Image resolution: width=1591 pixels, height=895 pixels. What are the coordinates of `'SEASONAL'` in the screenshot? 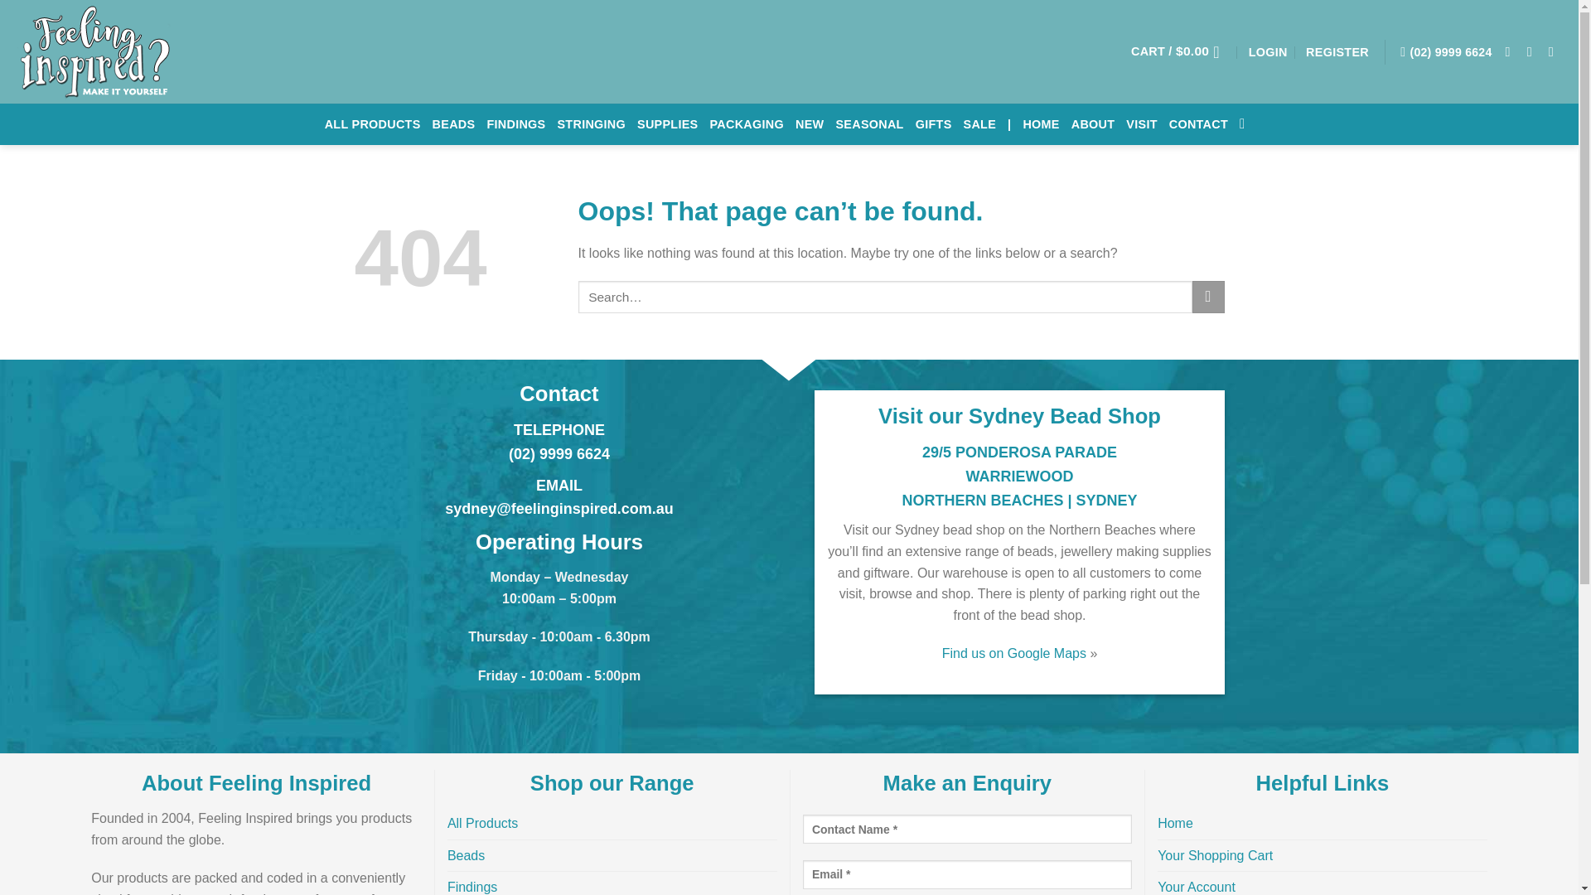 It's located at (868, 123).